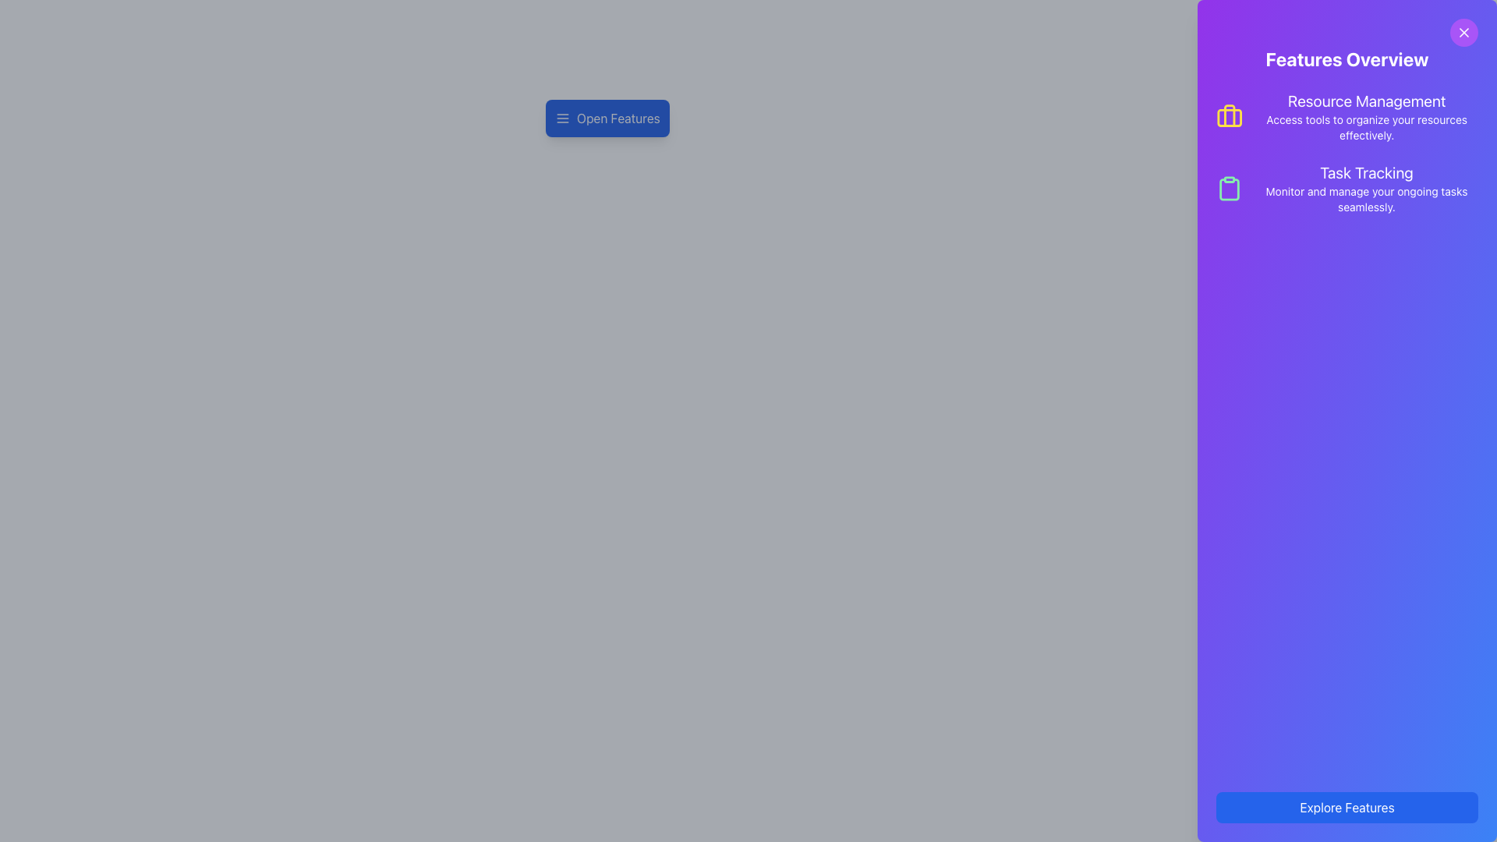  I want to click on the 'Open Features' button, which is a blue button with a menu icon on the left, located in the top-left corner of the interface, so click(607, 117).